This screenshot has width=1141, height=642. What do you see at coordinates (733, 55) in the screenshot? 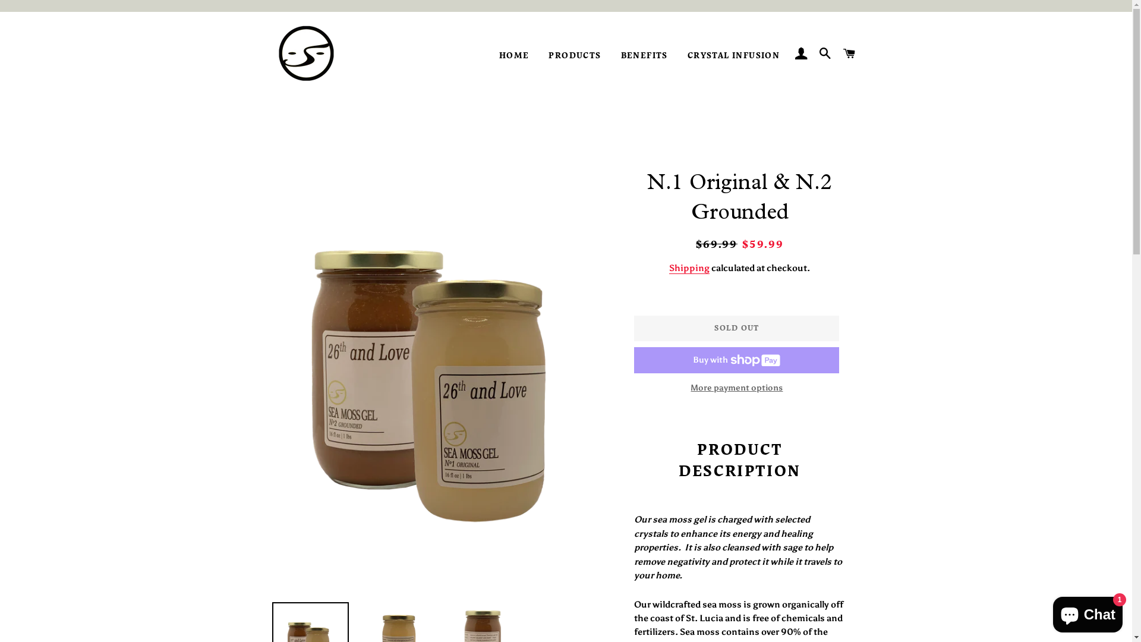
I see `'CRYSTAL INFUSION'` at bounding box center [733, 55].